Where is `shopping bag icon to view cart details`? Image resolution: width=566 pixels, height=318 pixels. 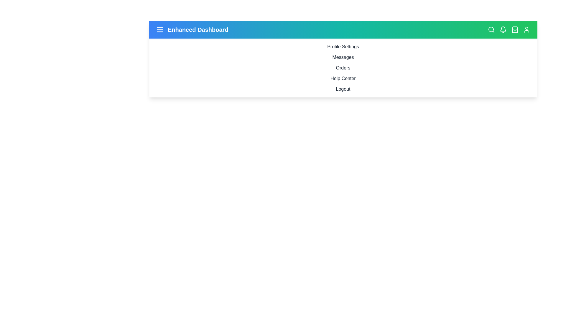 shopping bag icon to view cart details is located at coordinates (515, 29).